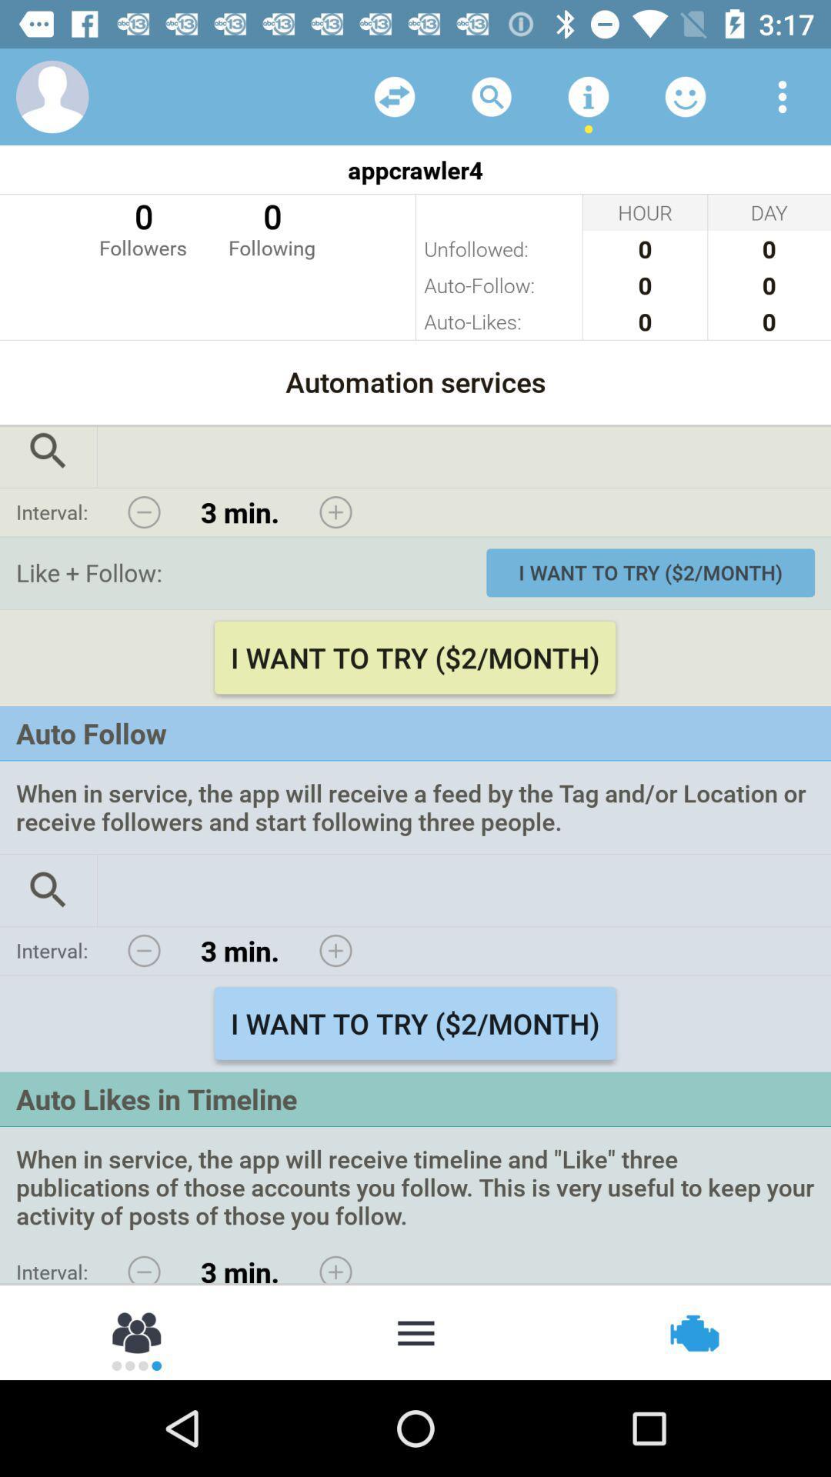  Describe the element at coordinates (685, 95) in the screenshot. I see `react with an emoji` at that location.